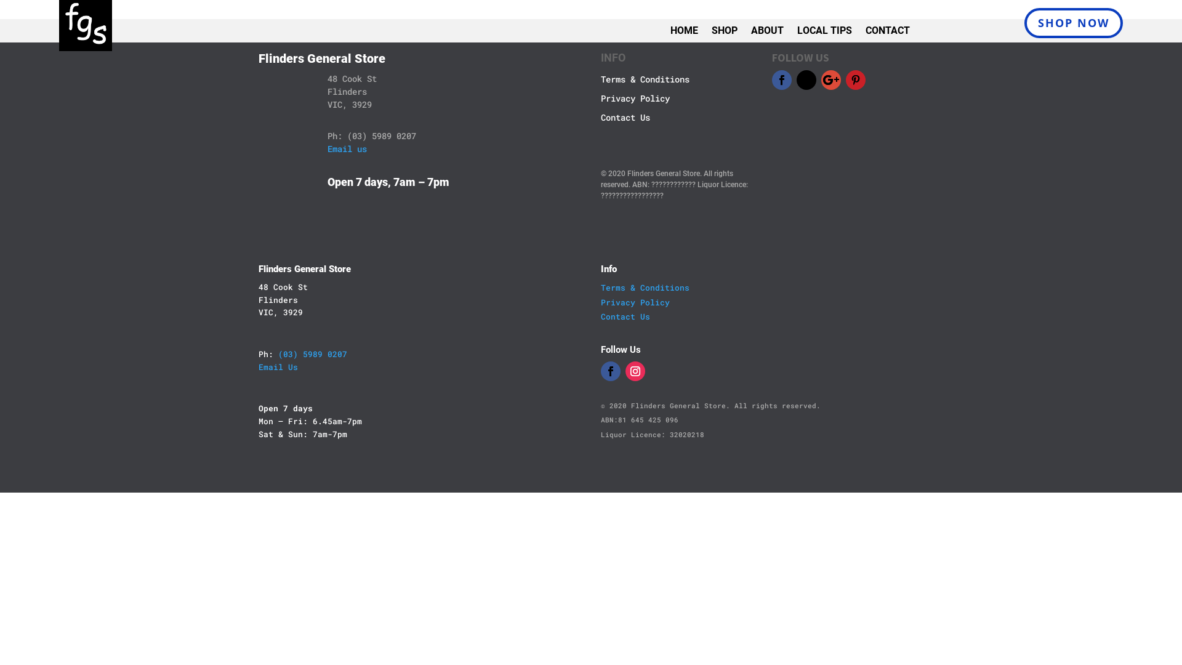  What do you see at coordinates (724, 33) in the screenshot?
I see `'SHOP'` at bounding box center [724, 33].